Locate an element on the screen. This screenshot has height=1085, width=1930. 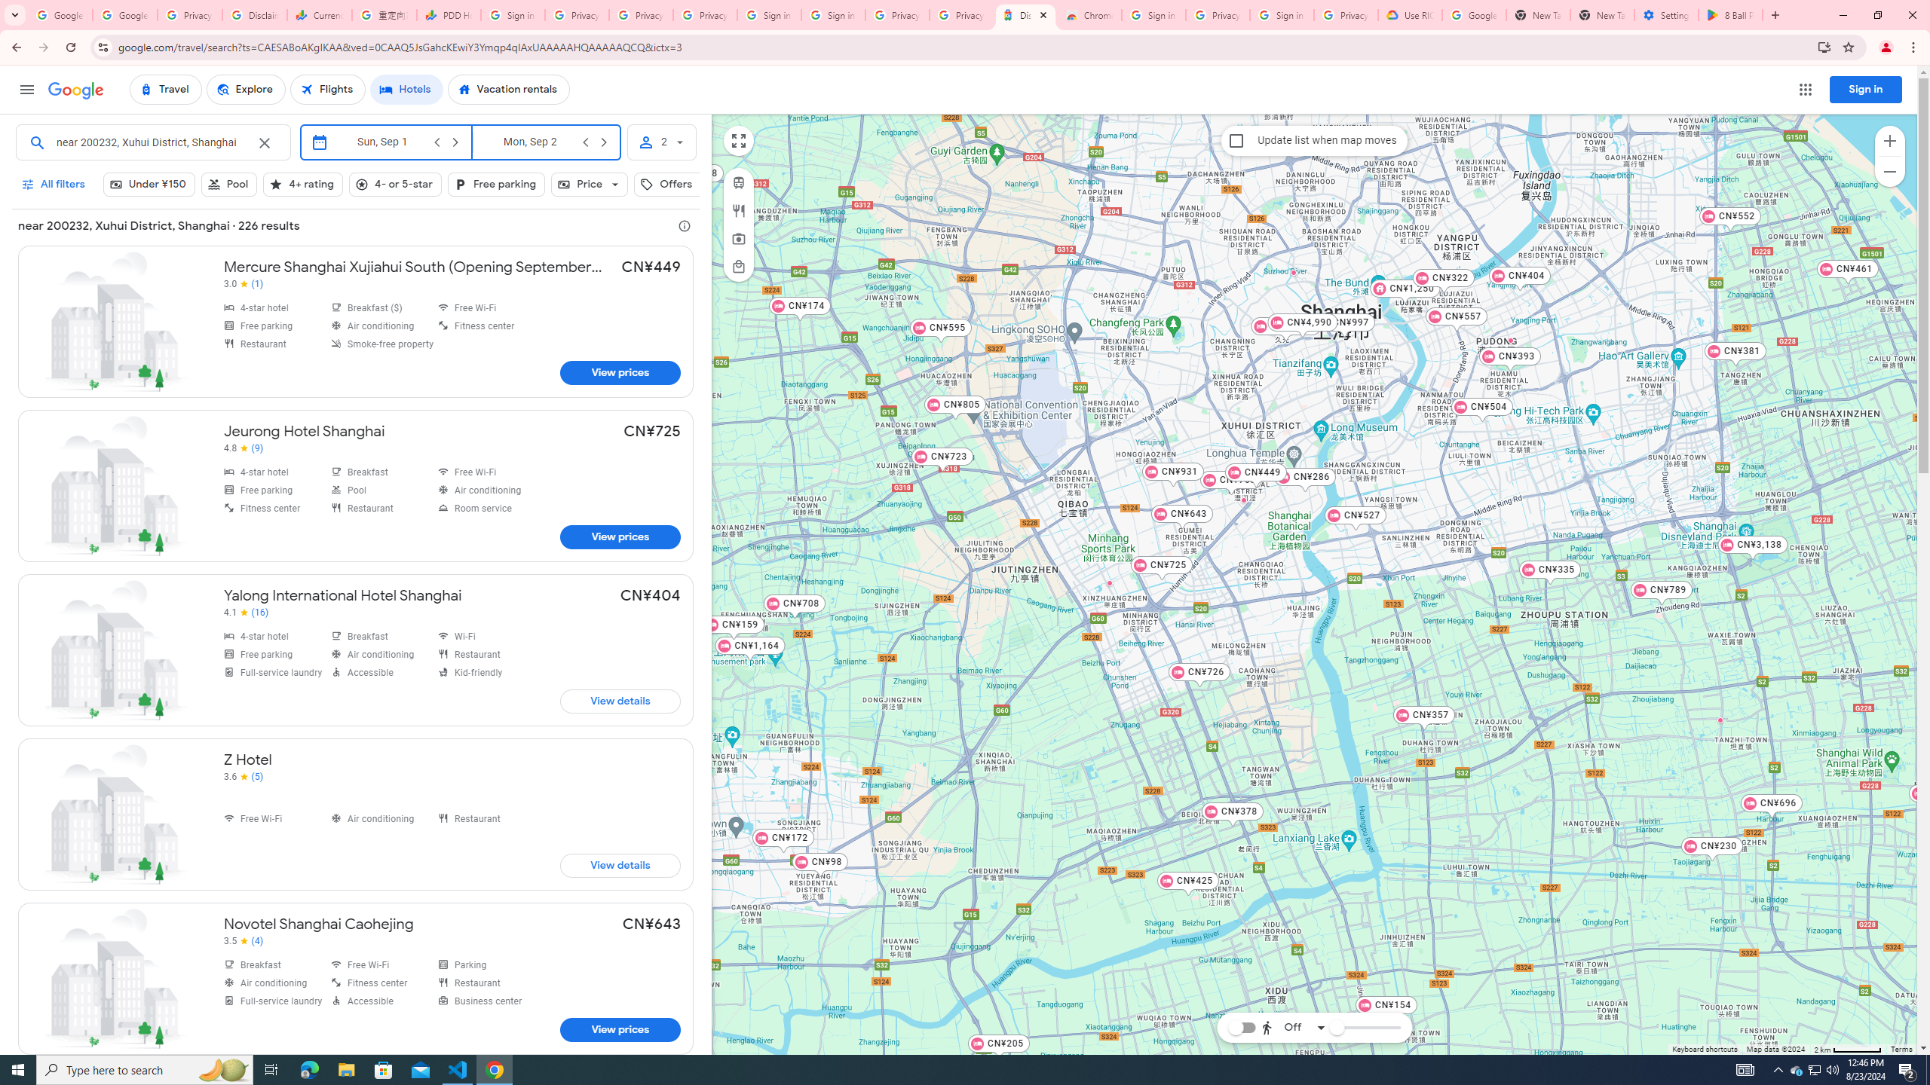
'Off' is located at coordinates (1293, 1027).